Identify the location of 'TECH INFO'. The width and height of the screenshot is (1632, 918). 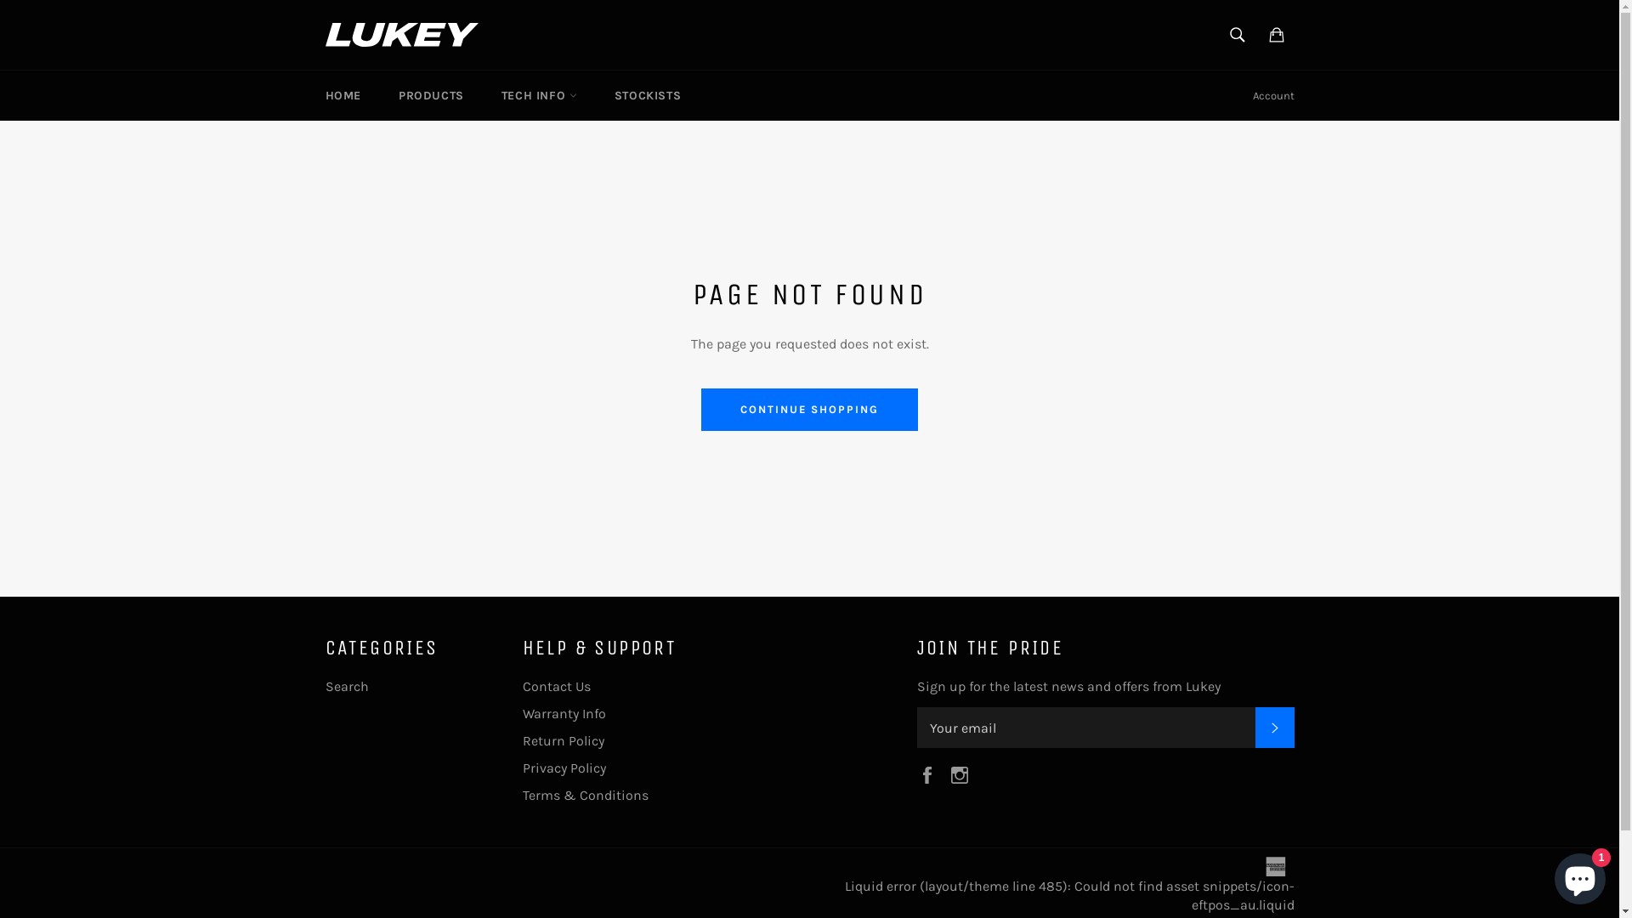
(538, 95).